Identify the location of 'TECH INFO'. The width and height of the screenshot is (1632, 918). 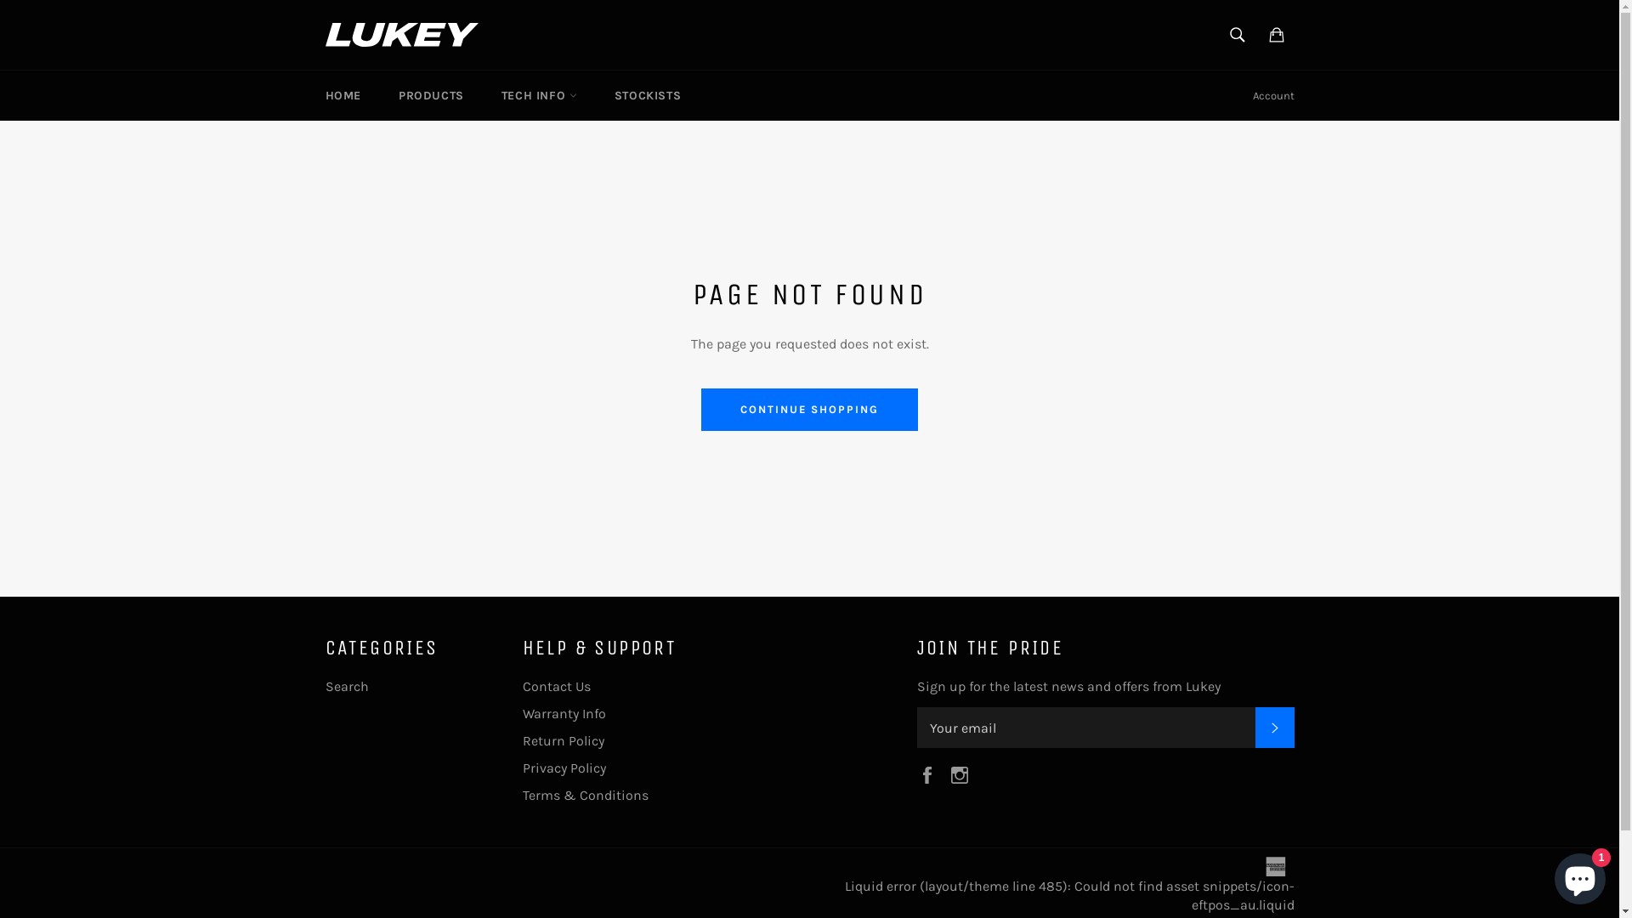
(538, 95).